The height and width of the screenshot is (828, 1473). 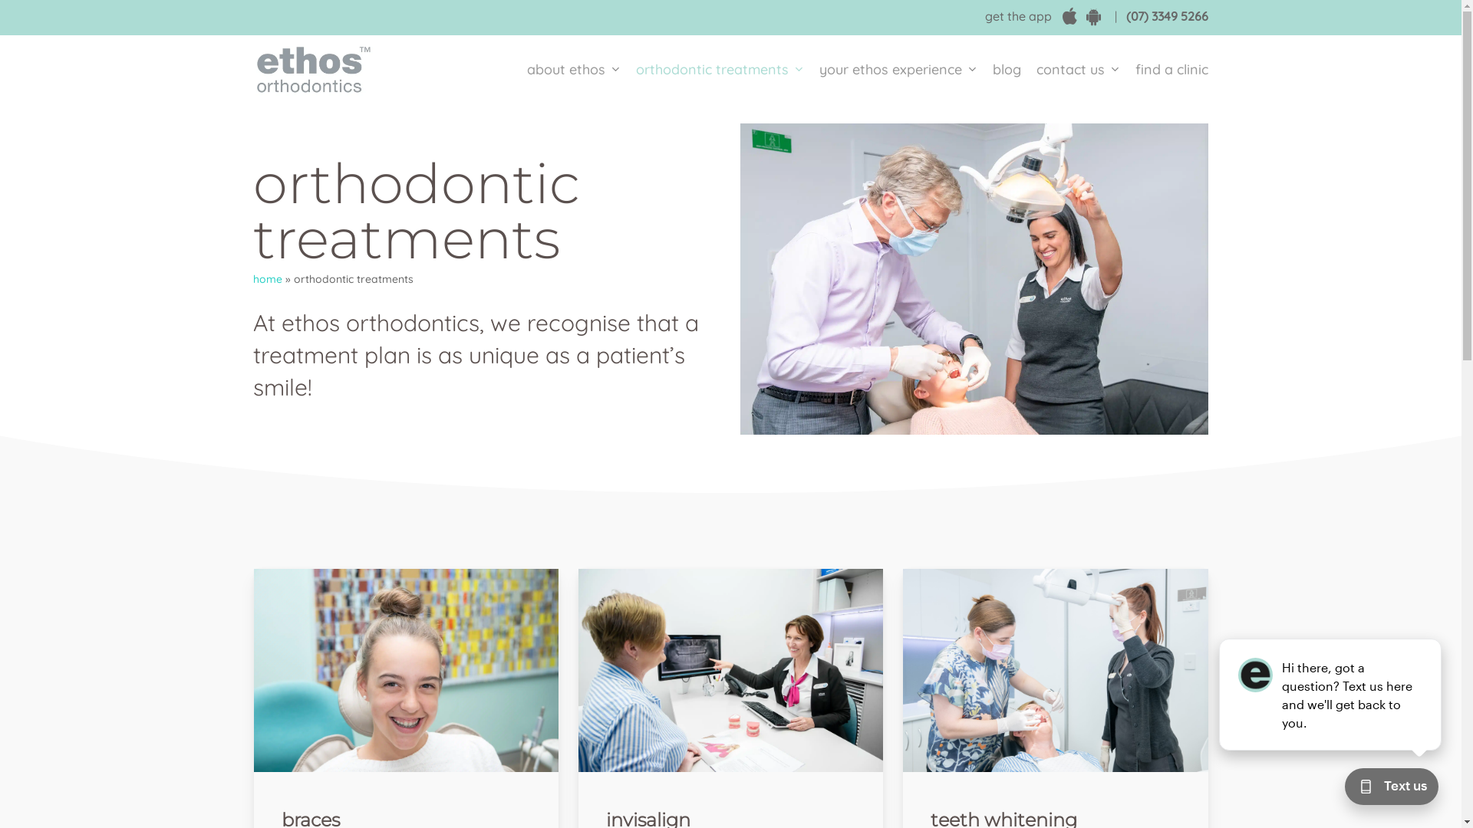 What do you see at coordinates (1077, 70) in the screenshot?
I see `'contact us'` at bounding box center [1077, 70].